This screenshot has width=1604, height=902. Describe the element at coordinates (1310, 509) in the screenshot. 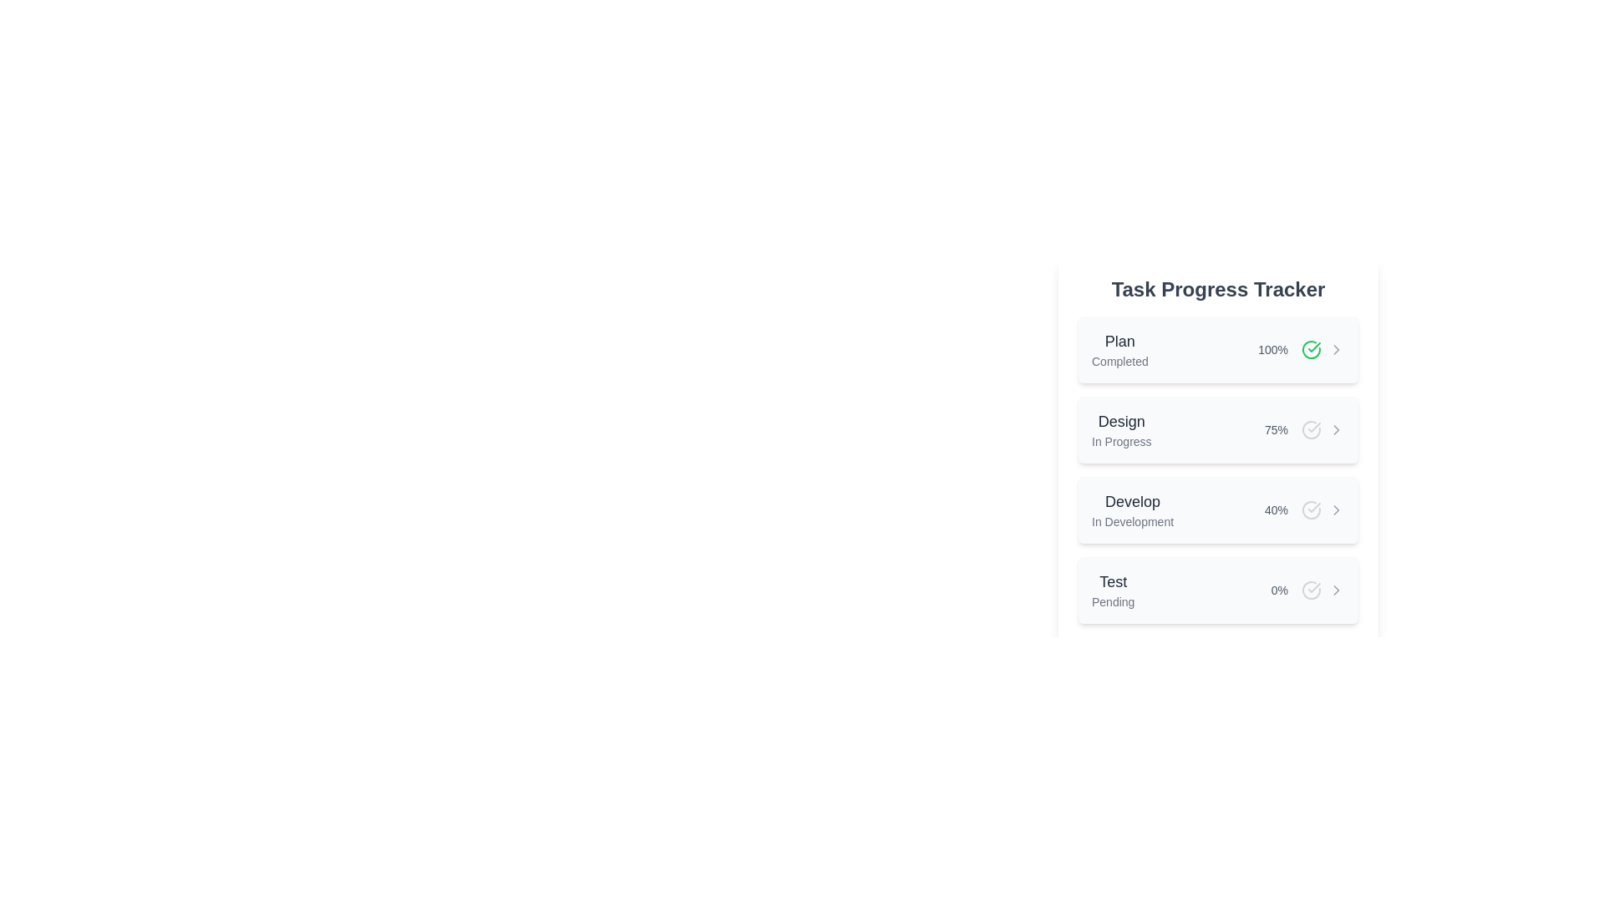

I see `the status indicator icon that represents completion or confirmation of the related task, located to the right of the '40%' text in the 'Develop' progress section` at that location.